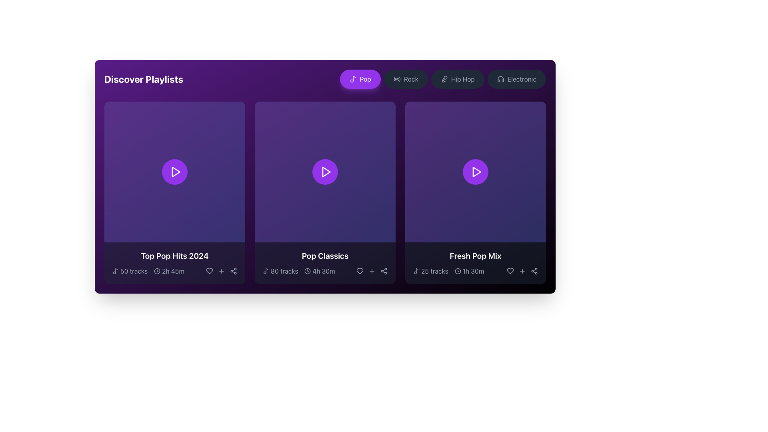 Image resolution: width=768 pixels, height=432 pixels. Describe the element at coordinates (372, 271) in the screenshot. I see `the plus icon located in the bottom-right section of the 'Pop Classics' playlist card` at that location.